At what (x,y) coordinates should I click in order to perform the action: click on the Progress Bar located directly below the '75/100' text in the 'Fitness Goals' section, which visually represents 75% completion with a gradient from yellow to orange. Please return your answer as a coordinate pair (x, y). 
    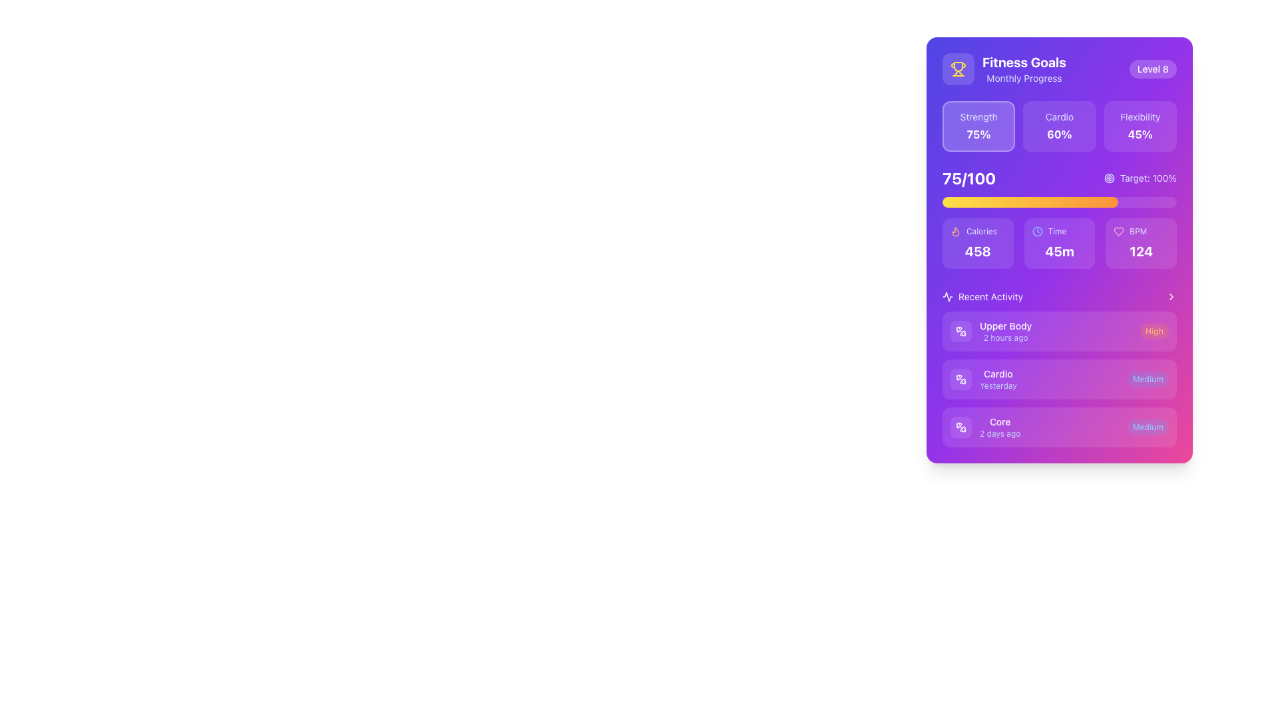
    Looking at the image, I should click on (1059, 202).